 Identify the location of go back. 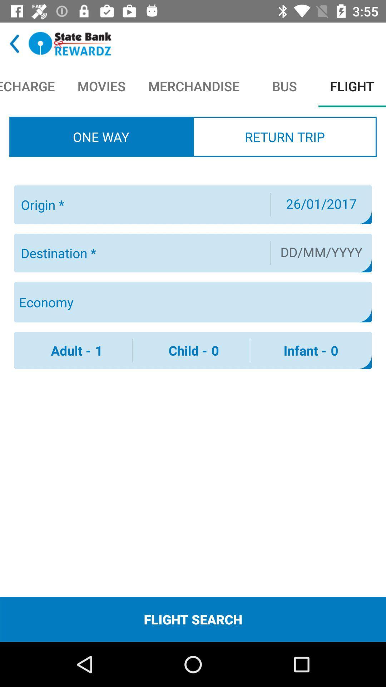
(14, 43).